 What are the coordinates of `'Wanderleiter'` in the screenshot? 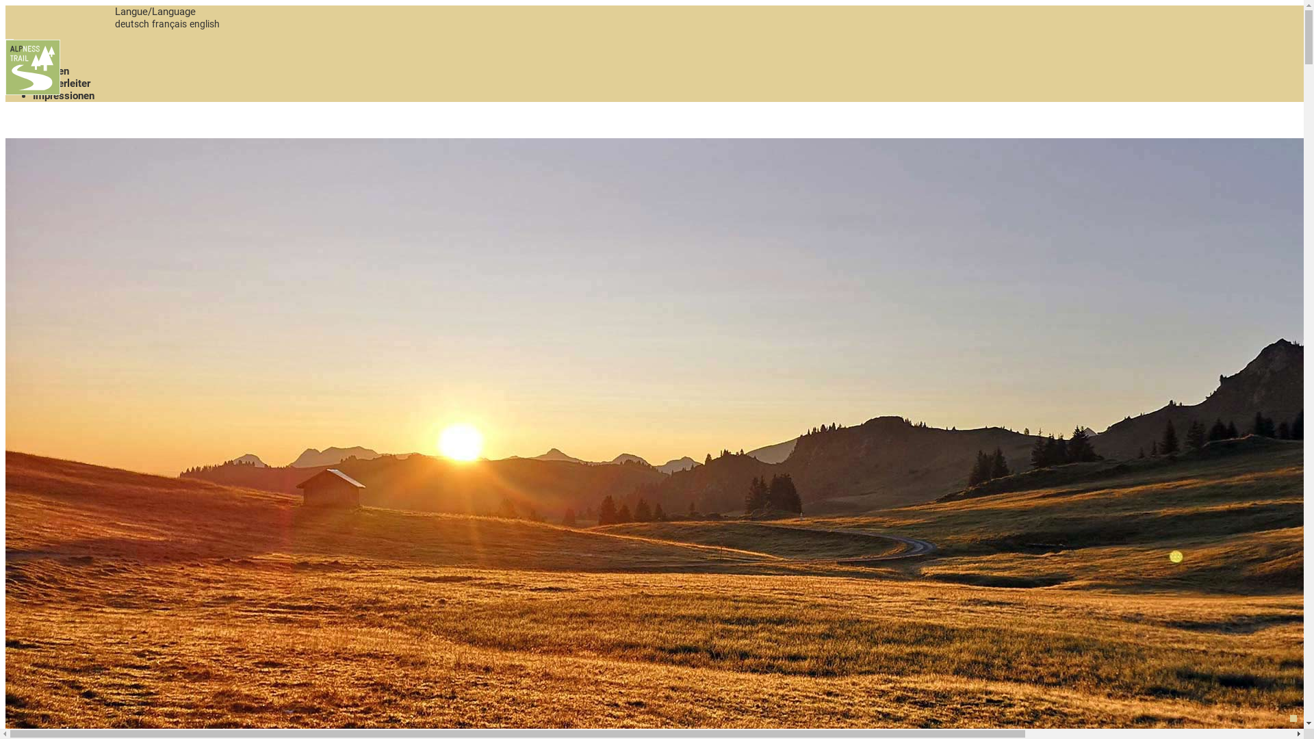 It's located at (61, 83).